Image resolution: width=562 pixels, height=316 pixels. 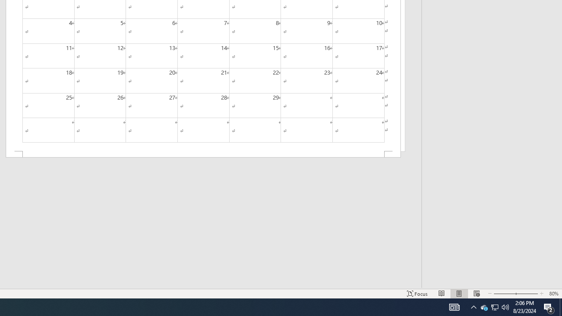 What do you see at coordinates (476, 294) in the screenshot?
I see `'Web Layout'` at bounding box center [476, 294].